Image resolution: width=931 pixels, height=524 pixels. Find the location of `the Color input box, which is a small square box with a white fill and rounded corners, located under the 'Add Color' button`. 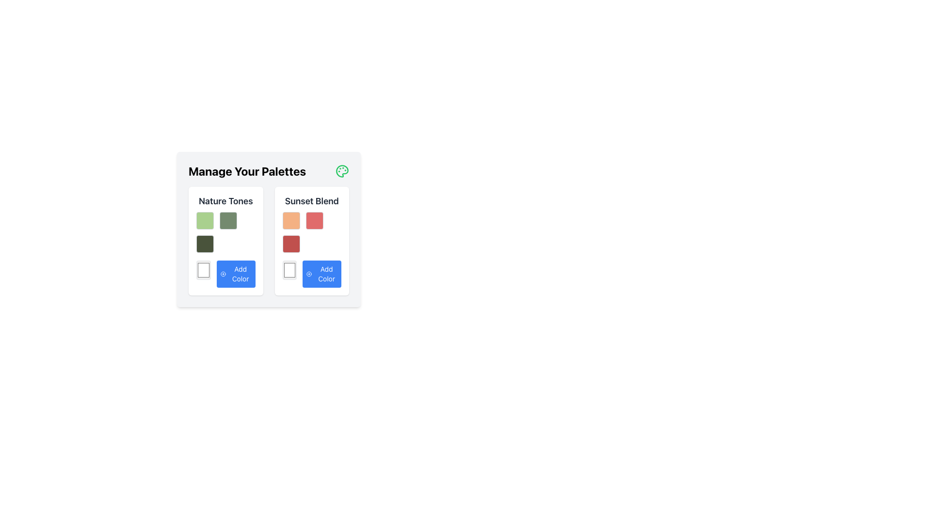

the Color input box, which is a small square box with a white fill and rounded corners, located under the 'Add Color' button is located at coordinates (203, 270).